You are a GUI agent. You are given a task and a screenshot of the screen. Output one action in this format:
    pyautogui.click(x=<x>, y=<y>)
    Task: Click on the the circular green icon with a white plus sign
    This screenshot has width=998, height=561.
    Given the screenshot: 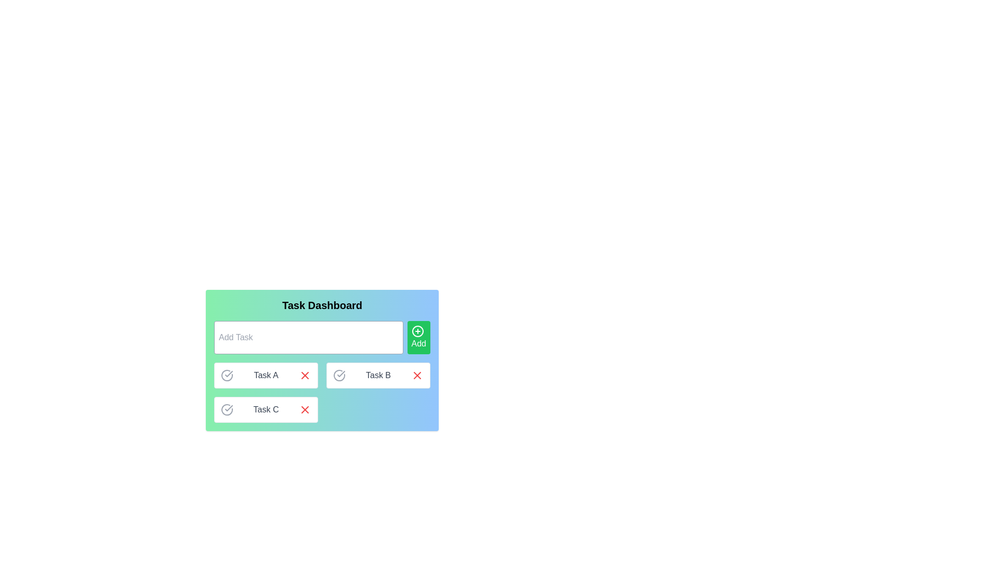 What is the action you would take?
    pyautogui.click(x=417, y=331)
    